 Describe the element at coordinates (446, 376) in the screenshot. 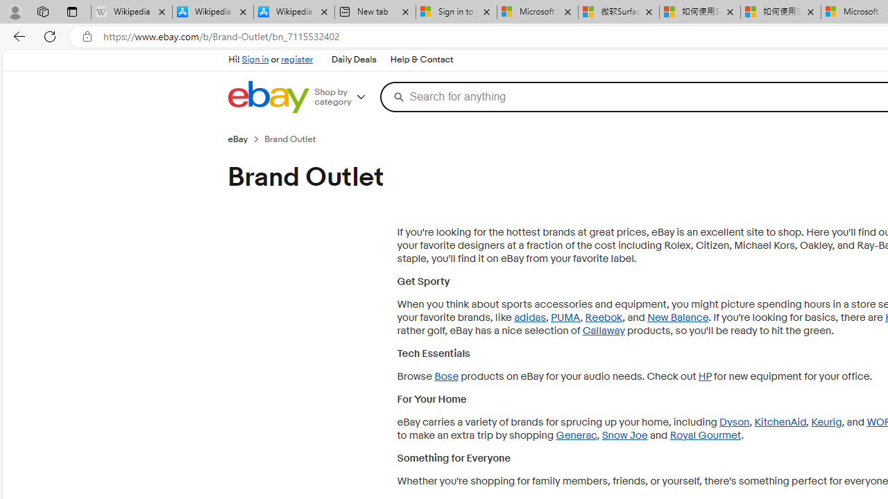

I see `'Bose'` at that location.